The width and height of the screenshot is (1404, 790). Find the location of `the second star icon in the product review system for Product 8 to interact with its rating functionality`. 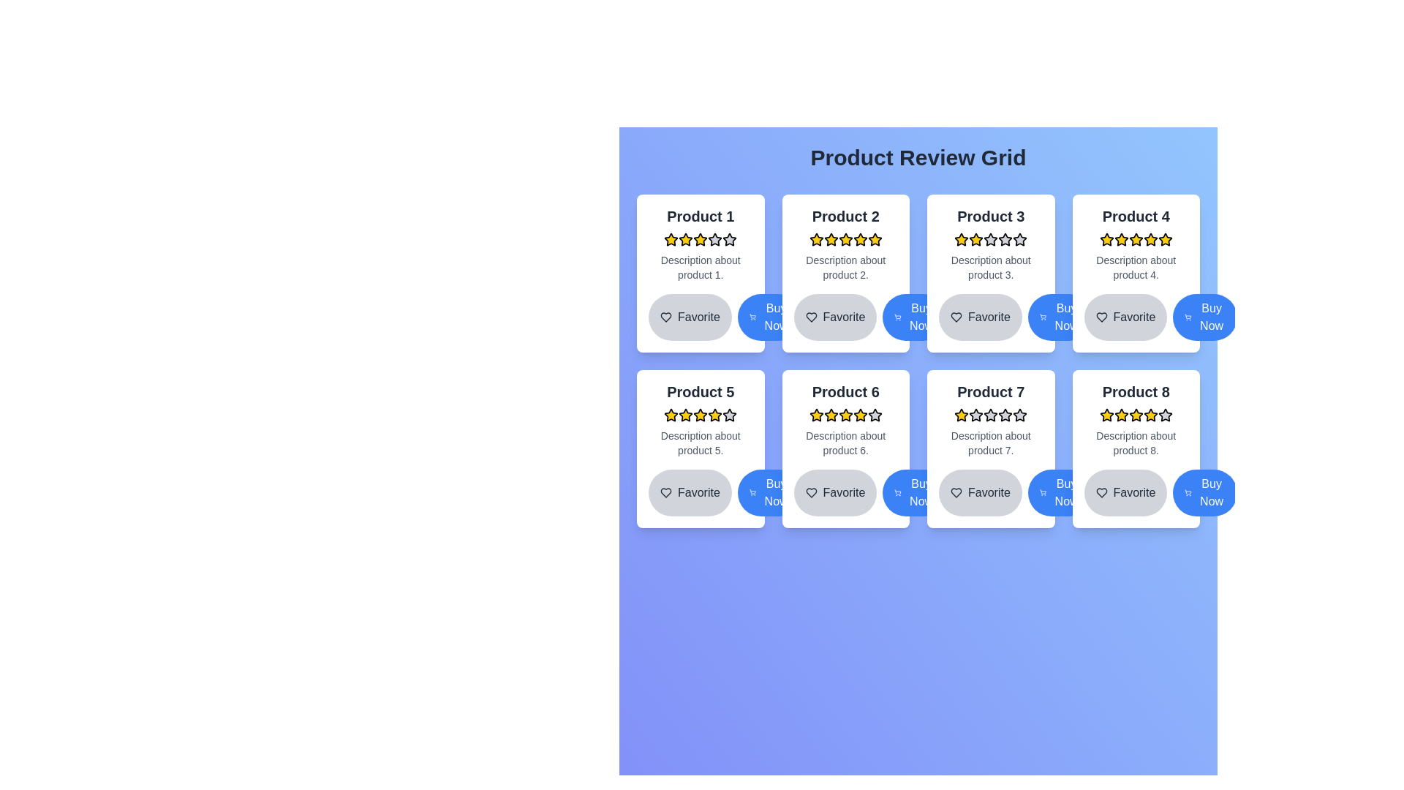

the second star icon in the product review system for Product 8 to interact with its rating functionality is located at coordinates (1106, 415).